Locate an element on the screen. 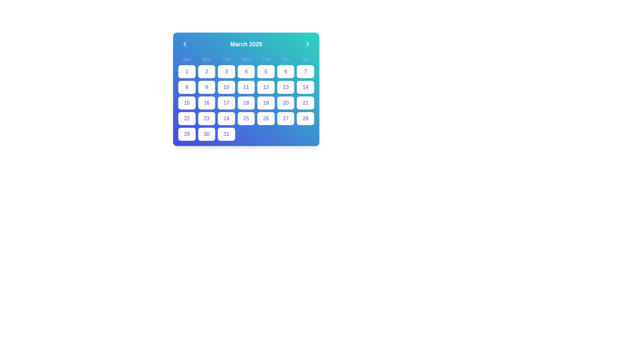  the button representing the 25th day in the calendar month to apply a ring effect is located at coordinates (246, 118).